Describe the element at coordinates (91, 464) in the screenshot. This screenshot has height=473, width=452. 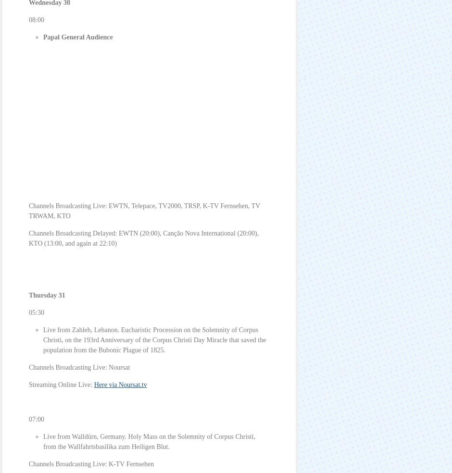
I see `'Channels Broadcasting Live: K-TV Fernsehen'` at that location.